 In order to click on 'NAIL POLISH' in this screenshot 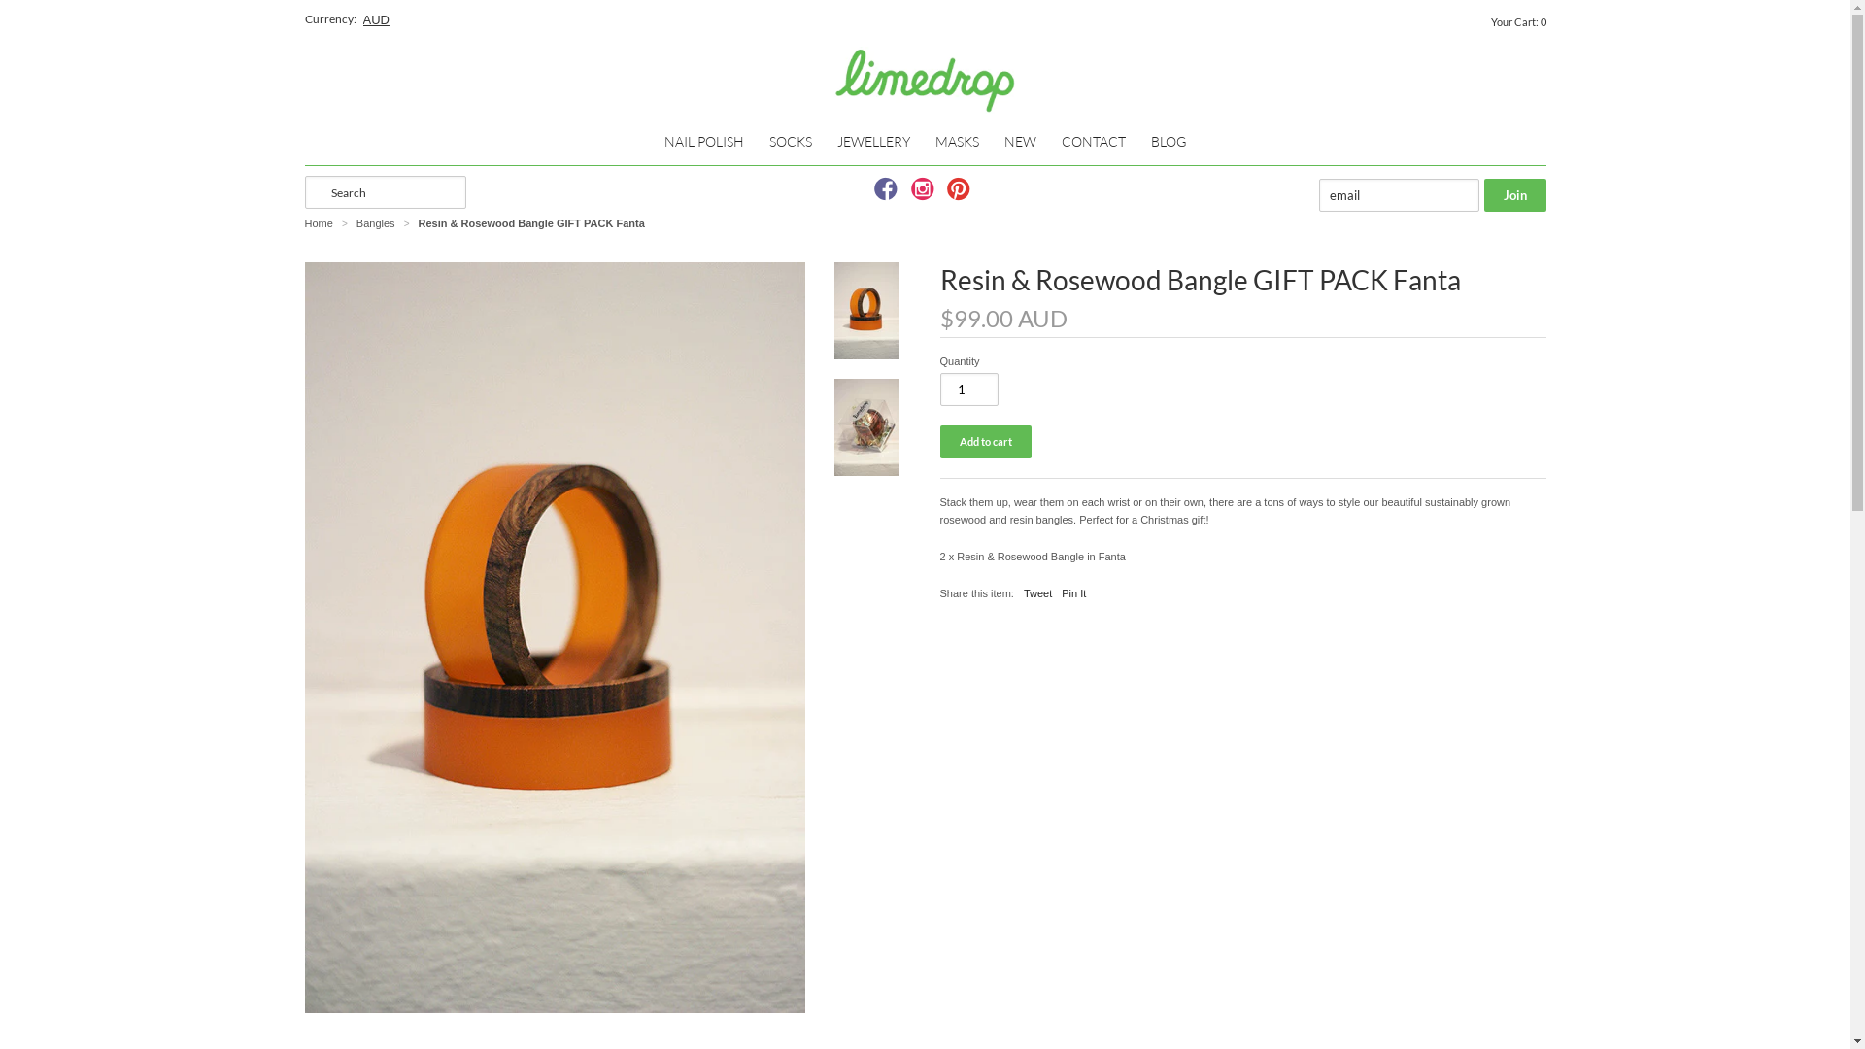, I will do `click(702, 141)`.